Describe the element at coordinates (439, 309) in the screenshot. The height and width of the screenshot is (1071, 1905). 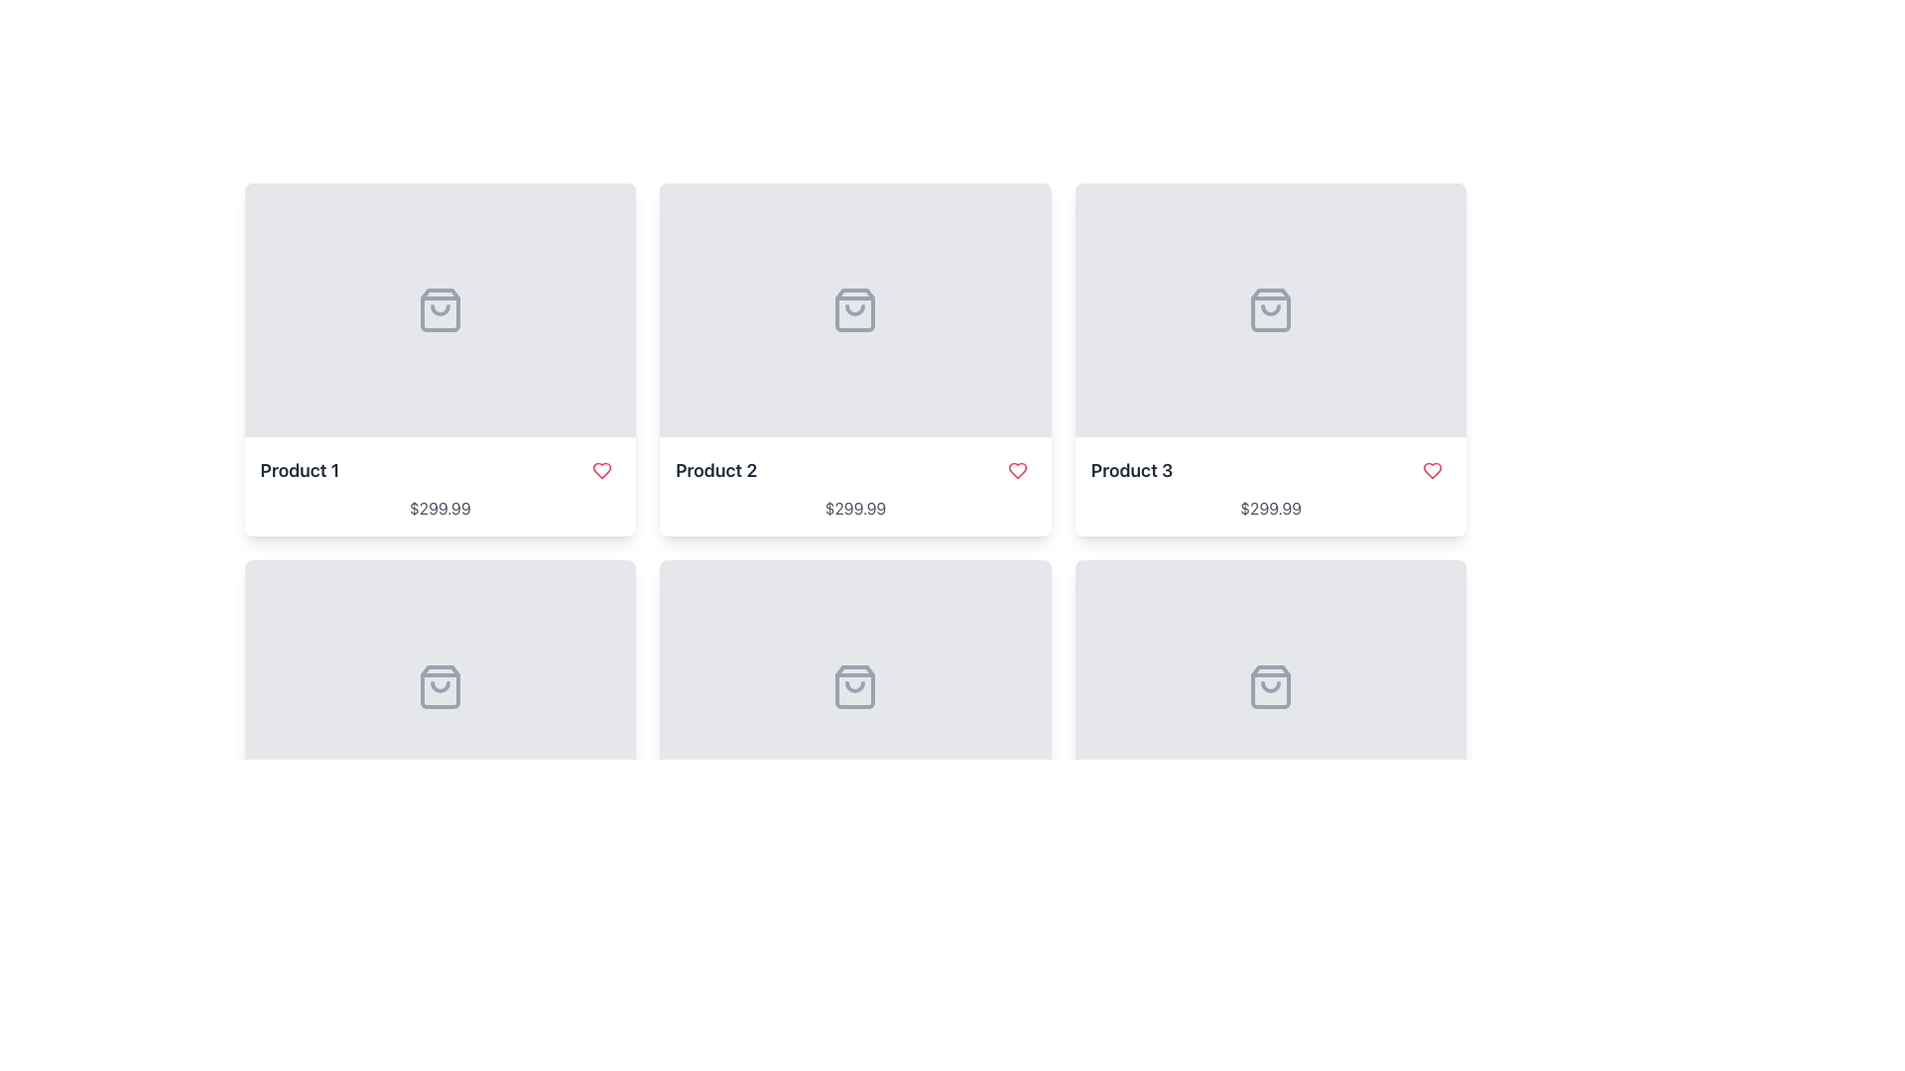
I see `the gray rectangular area containing a centered shopping bag icon in the 'Product 1' card` at that location.